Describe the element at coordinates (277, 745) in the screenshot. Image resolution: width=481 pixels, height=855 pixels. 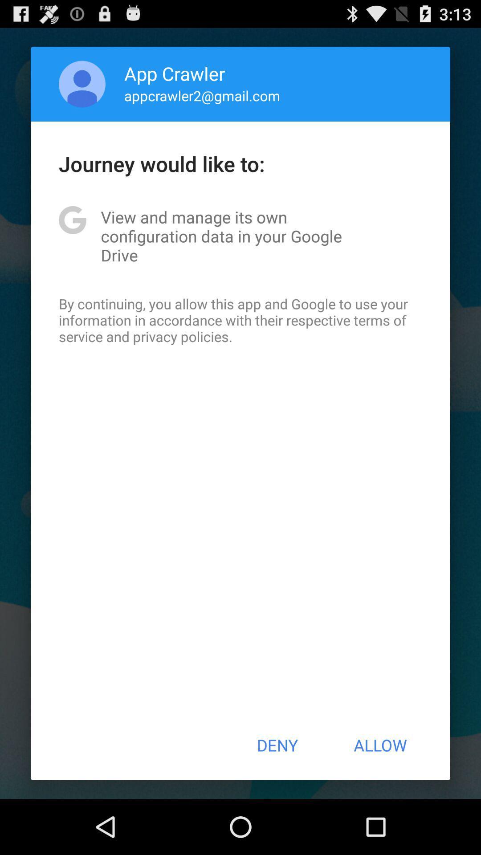
I see `deny button` at that location.